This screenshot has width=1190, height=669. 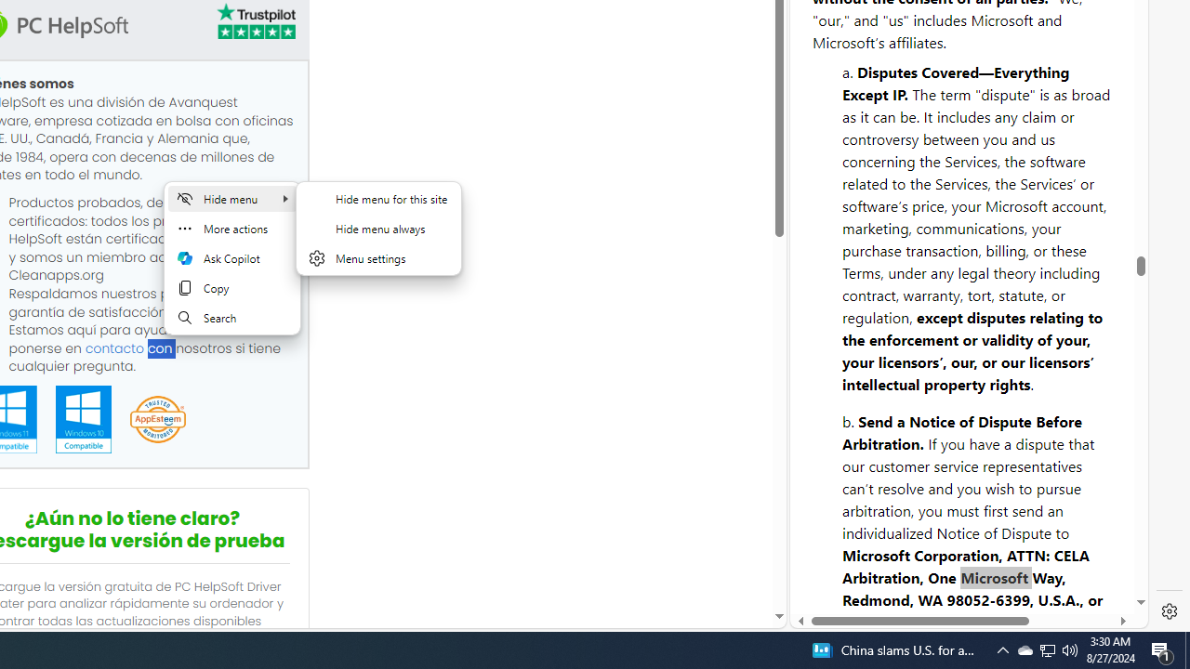 I want to click on 'Mini menu on text selection', so click(x=231, y=269).